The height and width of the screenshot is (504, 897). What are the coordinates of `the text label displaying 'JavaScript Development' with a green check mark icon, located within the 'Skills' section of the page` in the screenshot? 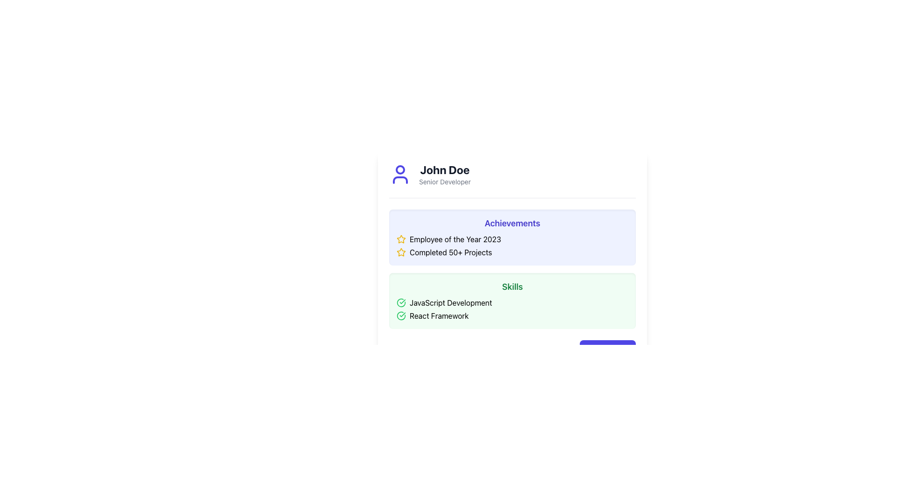 It's located at (451, 302).